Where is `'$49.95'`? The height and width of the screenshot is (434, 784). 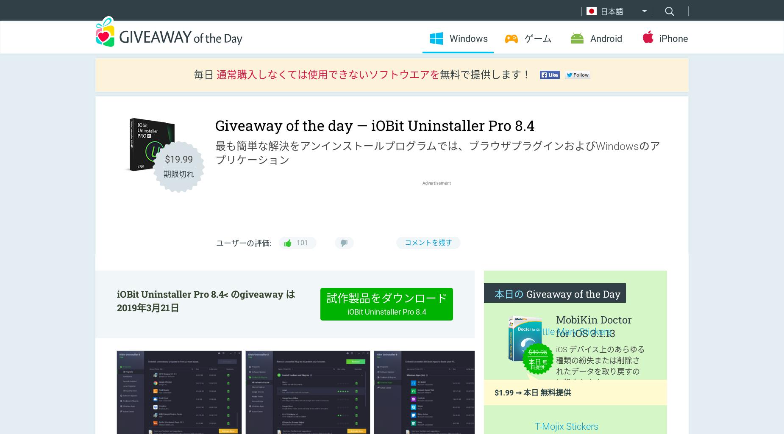 '$49.95' is located at coordinates (527, 351).